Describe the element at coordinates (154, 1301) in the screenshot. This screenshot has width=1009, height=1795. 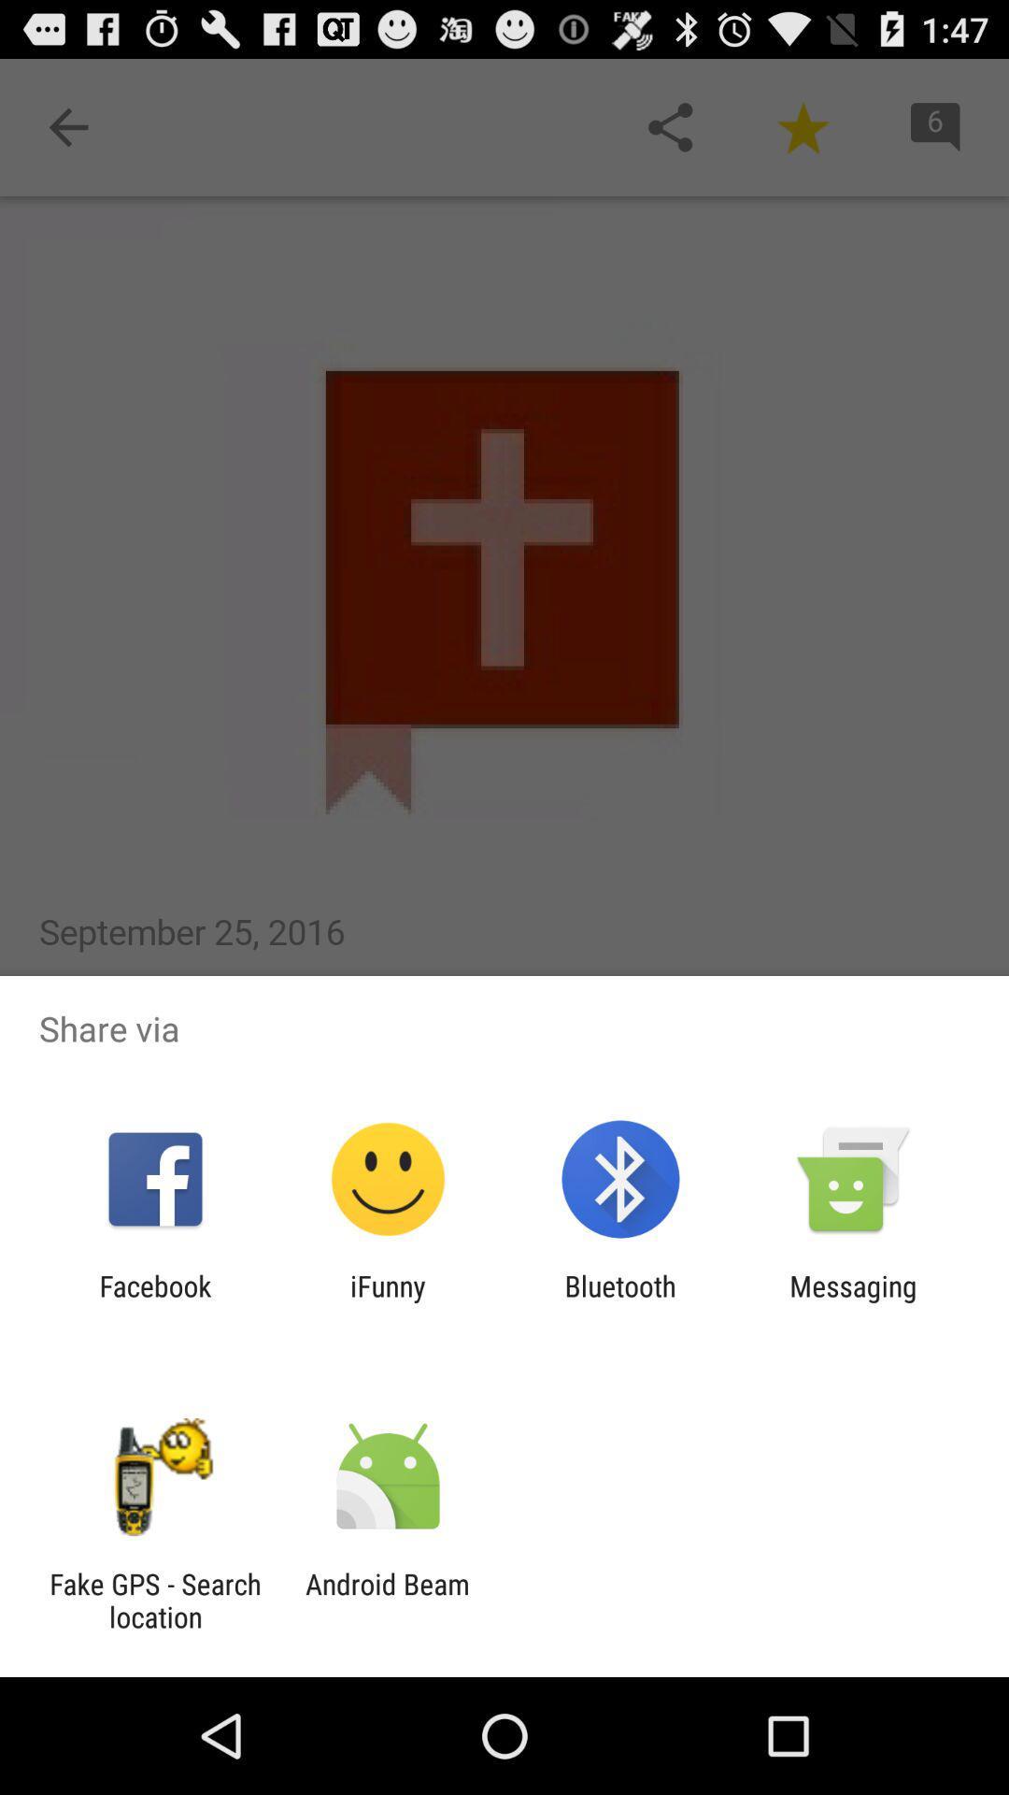
I see `facebook icon` at that location.